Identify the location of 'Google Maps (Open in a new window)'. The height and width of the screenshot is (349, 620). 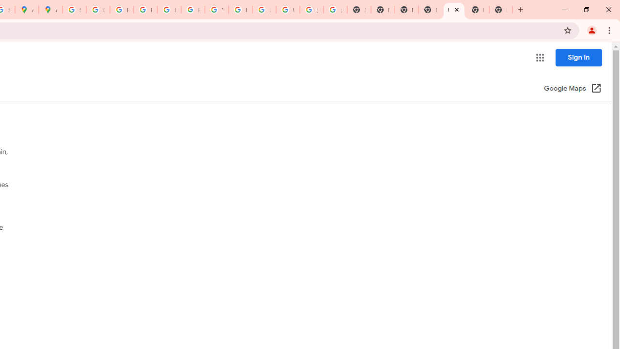
(573, 89).